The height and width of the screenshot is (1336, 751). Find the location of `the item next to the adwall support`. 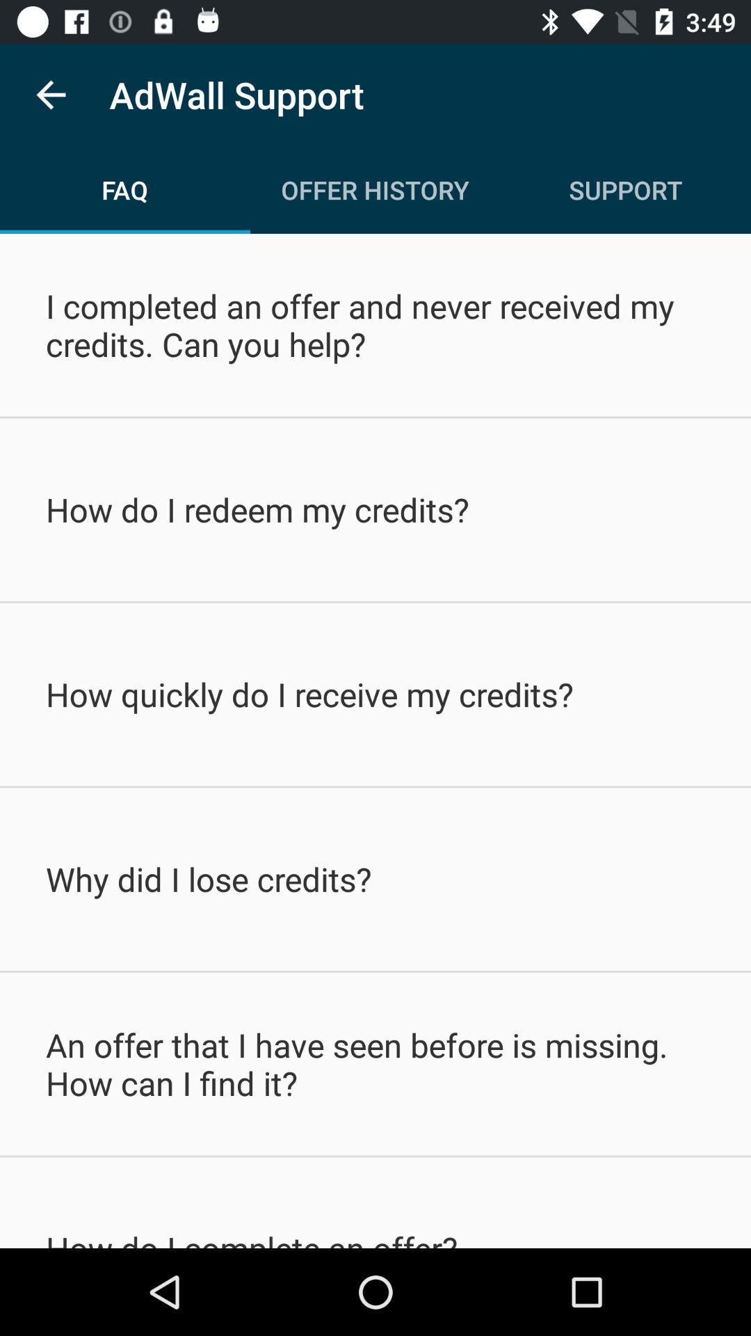

the item next to the adwall support is located at coordinates (50, 94).